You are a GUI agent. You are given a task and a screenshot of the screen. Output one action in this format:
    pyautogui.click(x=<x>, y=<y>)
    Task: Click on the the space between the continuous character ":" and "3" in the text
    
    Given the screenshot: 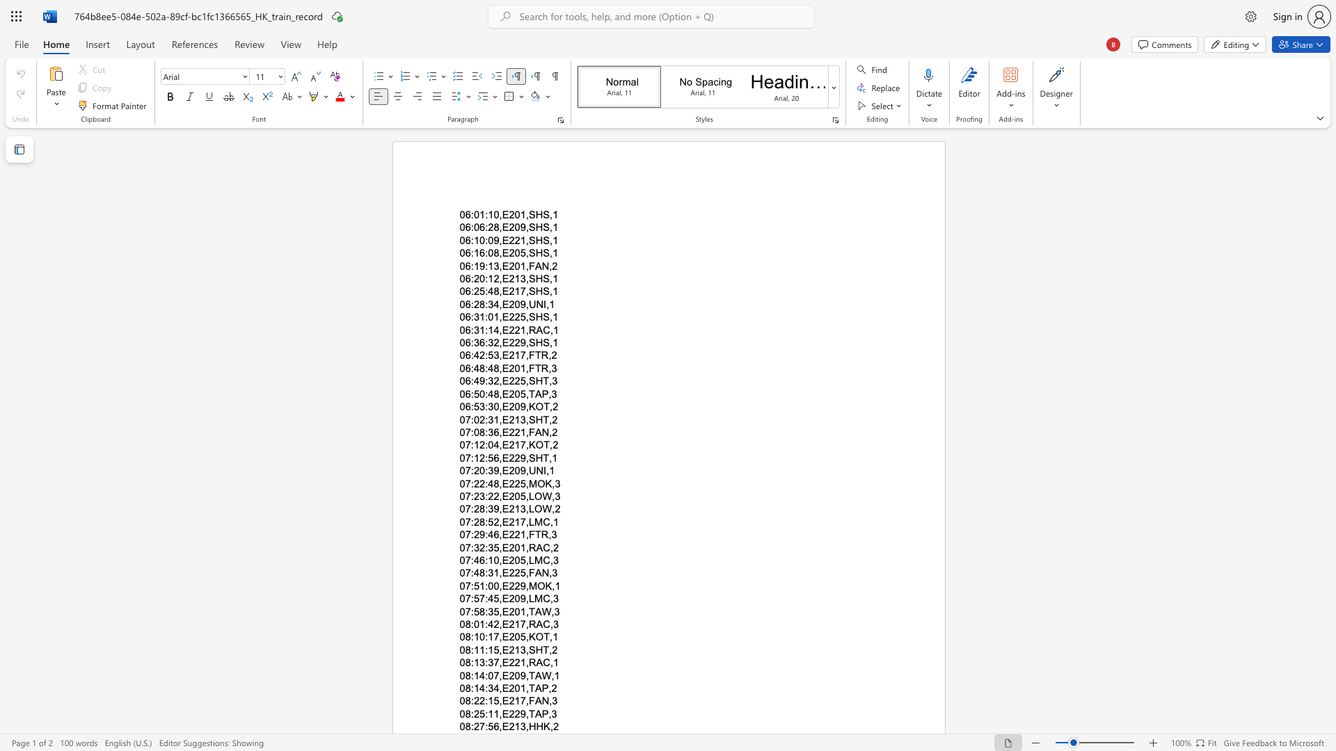 What is the action you would take?
    pyautogui.click(x=474, y=330)
    